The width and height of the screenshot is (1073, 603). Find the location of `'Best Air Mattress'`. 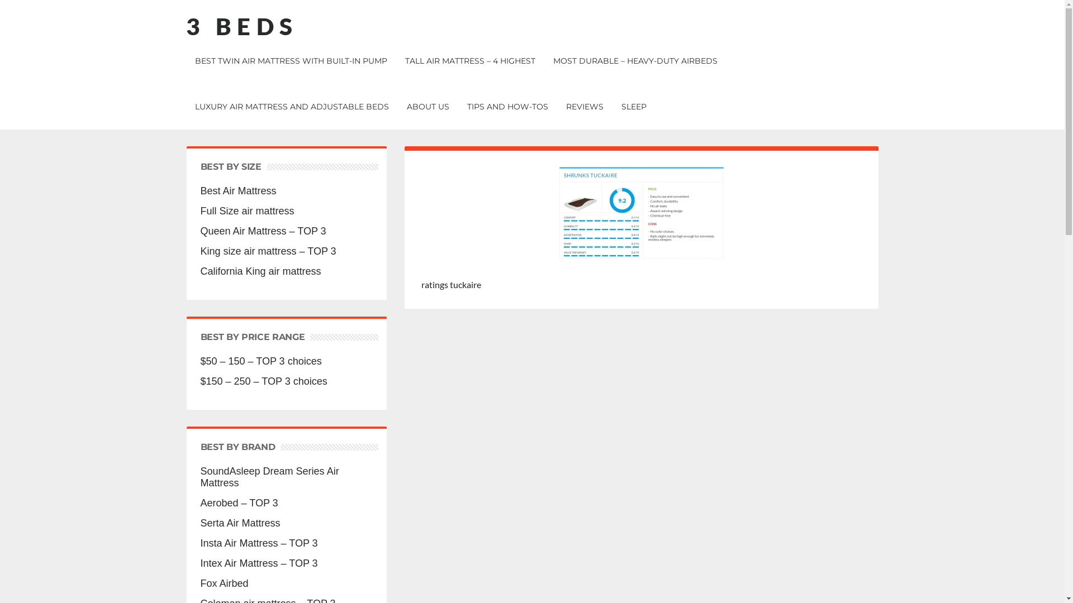

'Best Air Mattress' is located at coordinates (286, 190).